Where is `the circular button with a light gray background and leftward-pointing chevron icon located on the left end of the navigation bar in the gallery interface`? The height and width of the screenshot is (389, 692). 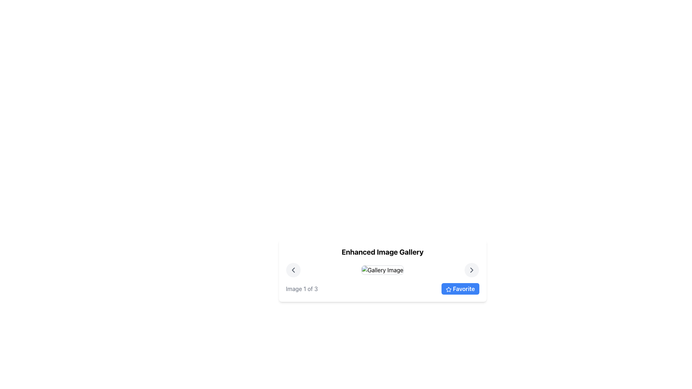 the circular button with a light gray background and leftward-pointing chevron icon located on the left end of the navigation bar in the gallery interface is located at coordinates (293, 270).